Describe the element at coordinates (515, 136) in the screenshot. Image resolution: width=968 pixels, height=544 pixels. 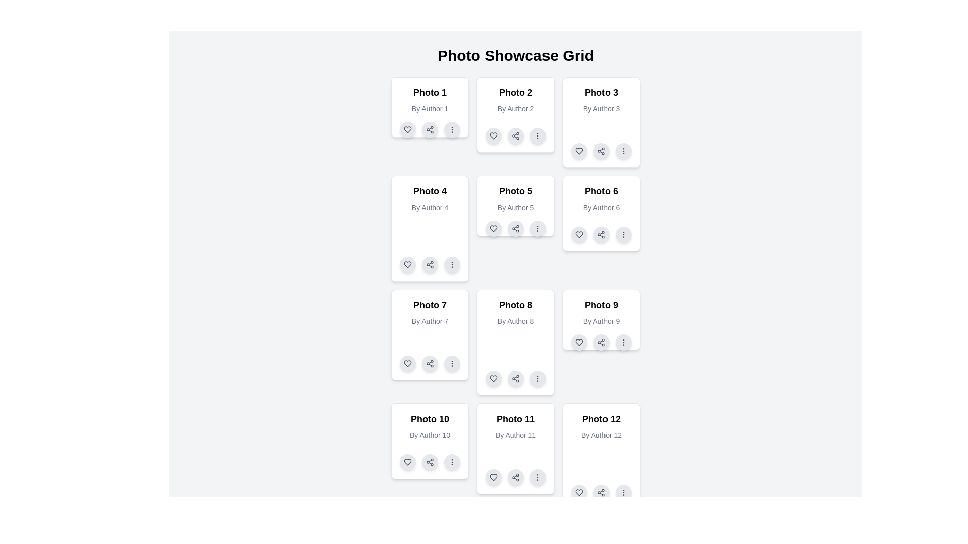
I see `the share icon, which is a gray icon with three circular nodes forming a triangular shape, located between the heart icon and the three-dot menu icon in the lower section of the 'Photo 2' card` at that location.